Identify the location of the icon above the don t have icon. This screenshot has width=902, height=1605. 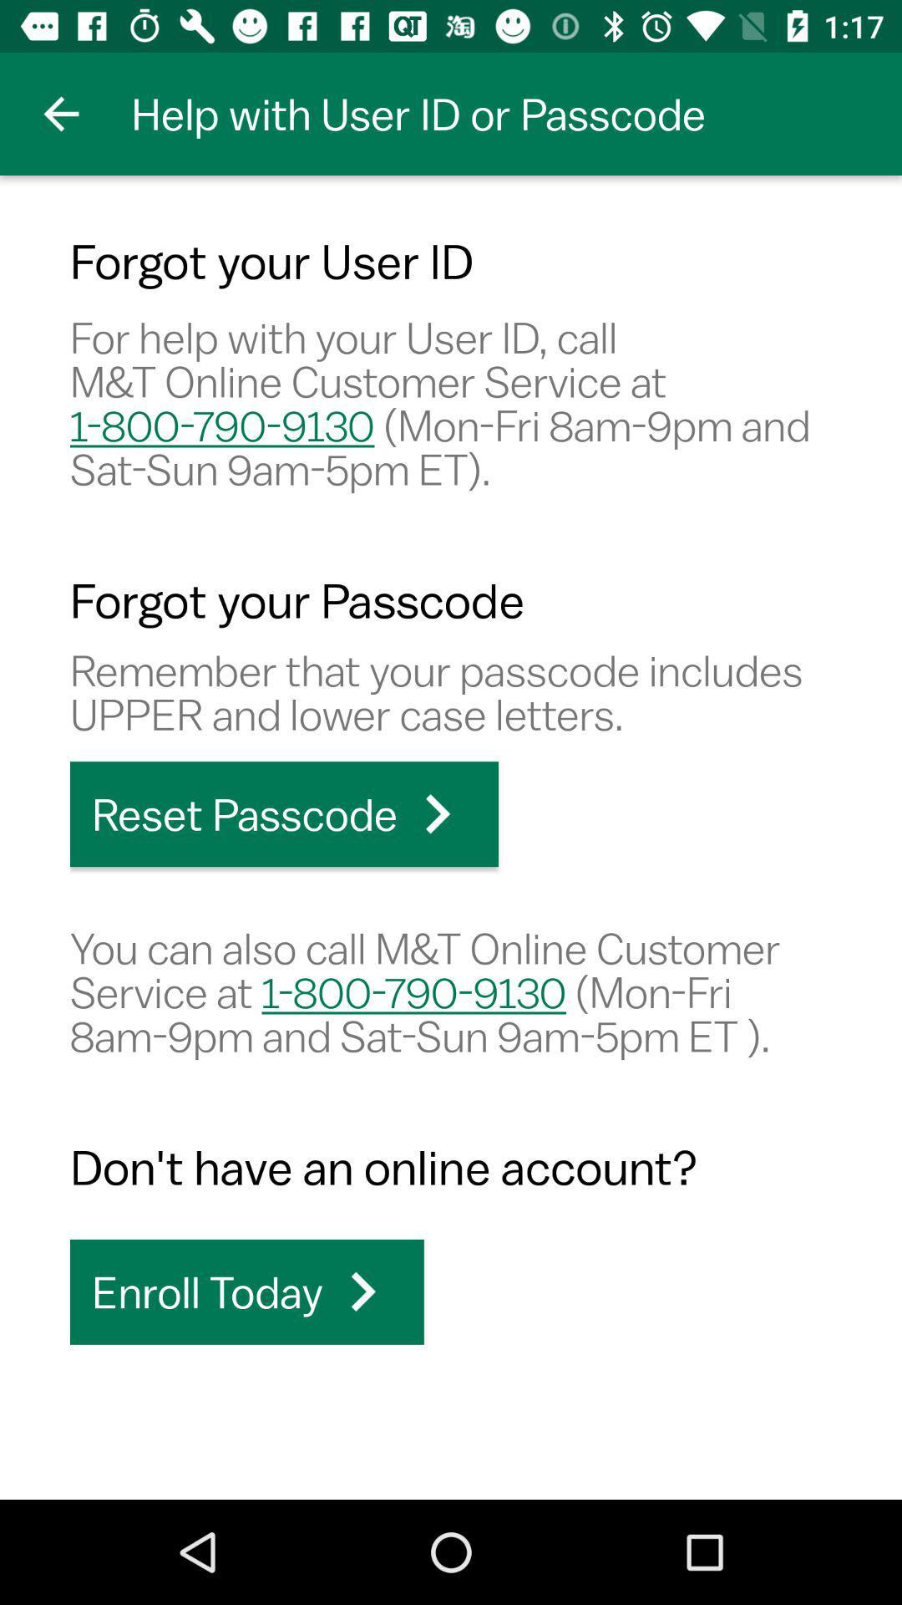
(451, 991).